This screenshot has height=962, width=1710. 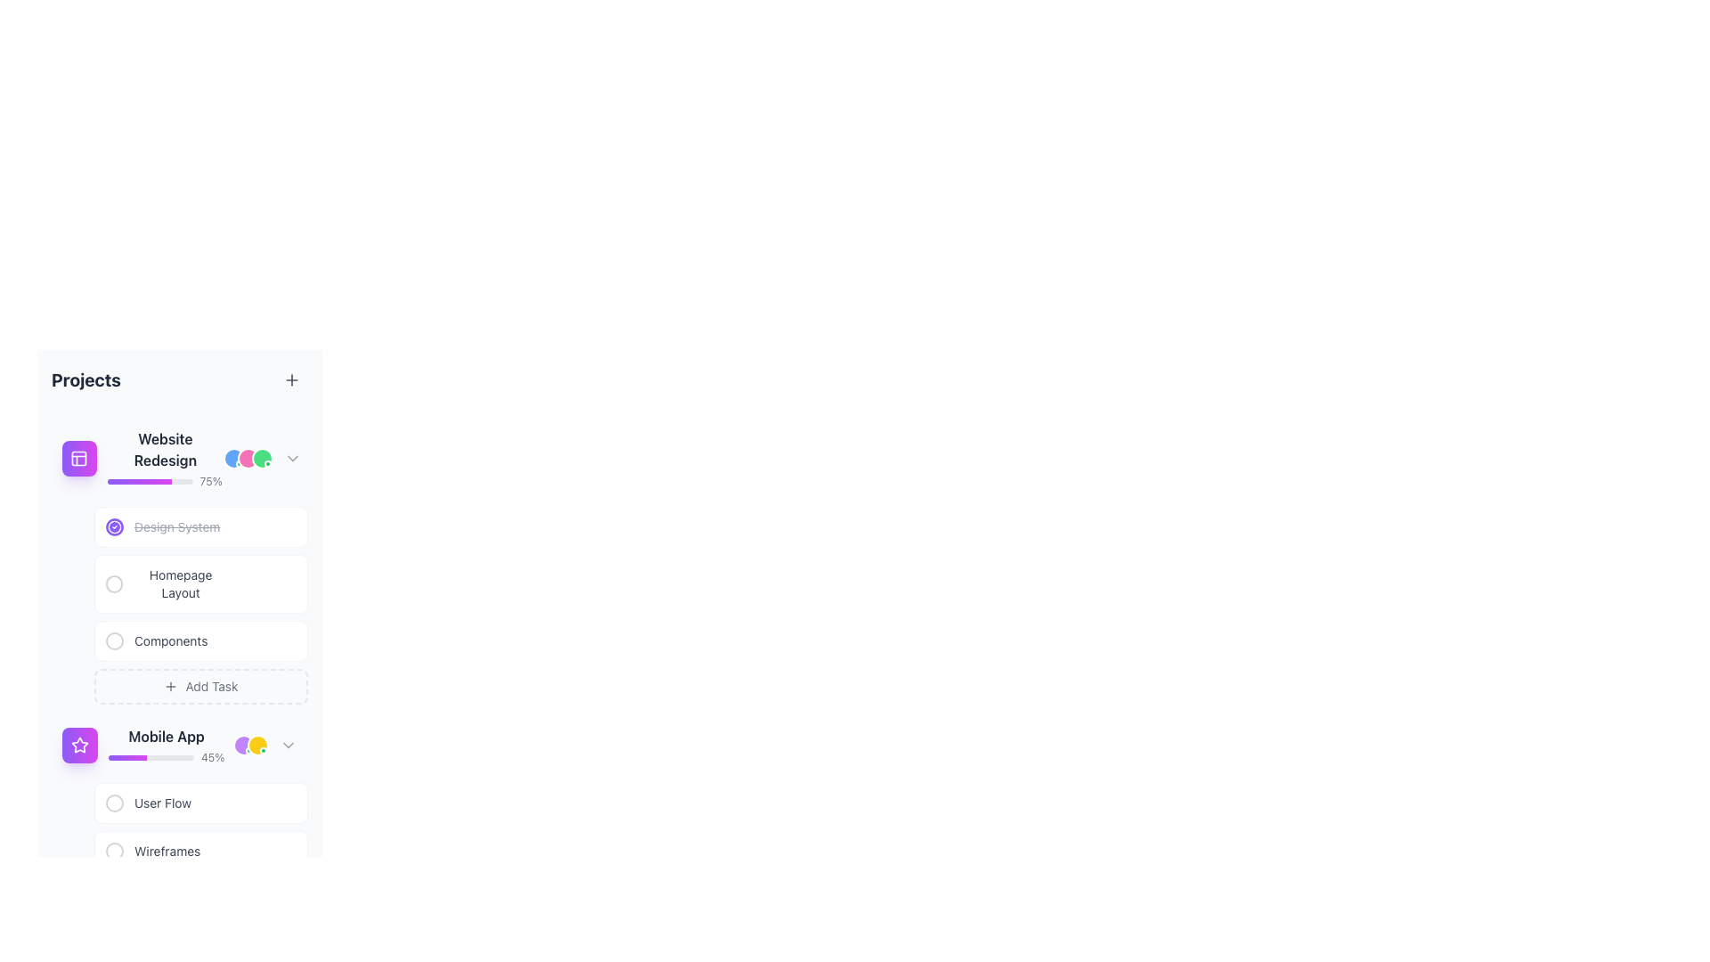 What do you see at coordinates (293, 458) in the screenshot?
I see `the right-pointing light gray chevron icon` at bounding box center [293, 458].